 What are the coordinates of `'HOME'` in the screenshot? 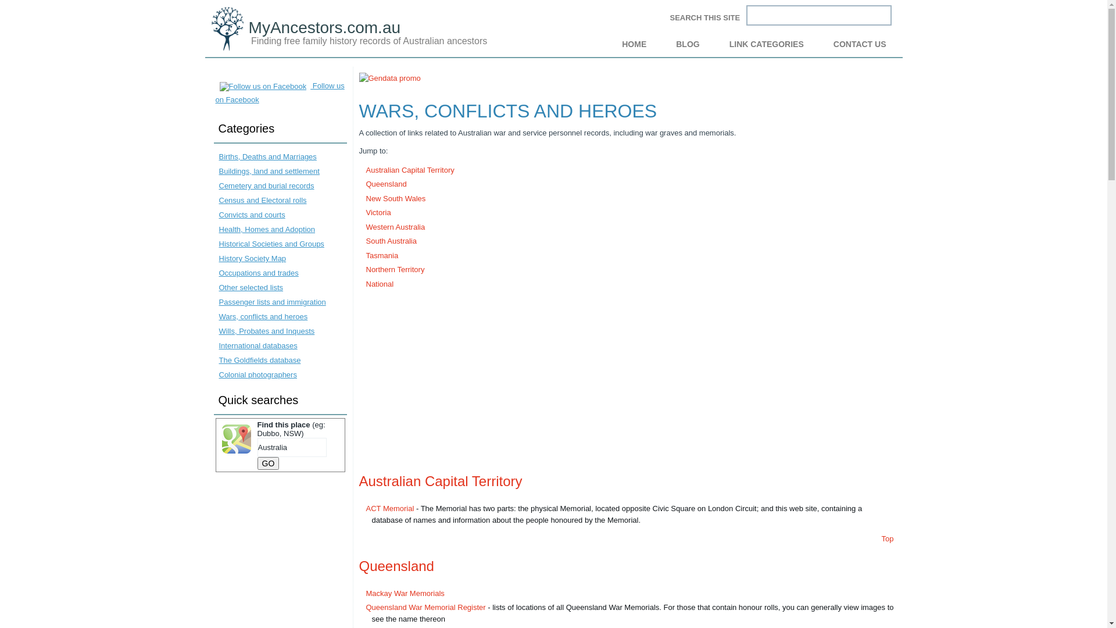 It's located at (608, 44).